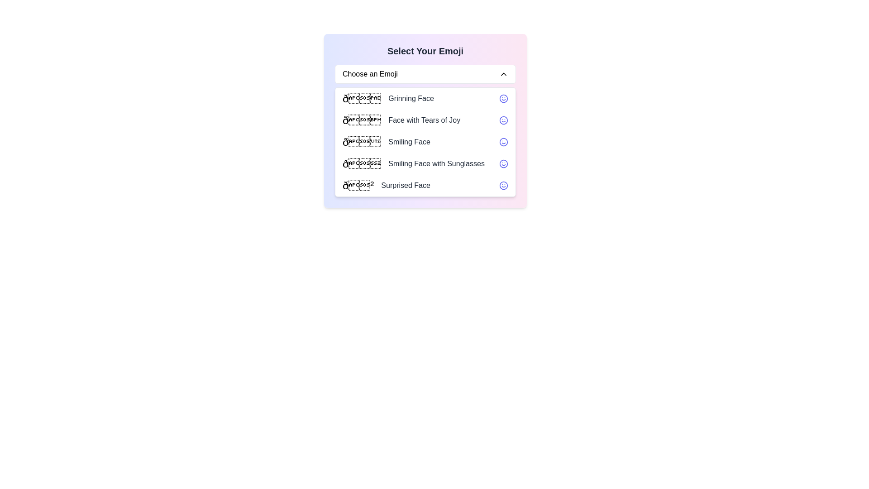  I want to click on the SVG icon representing the 'Grinning Face' located at the top left corner of its list item in the emoji selection menu, so click(503, 99).